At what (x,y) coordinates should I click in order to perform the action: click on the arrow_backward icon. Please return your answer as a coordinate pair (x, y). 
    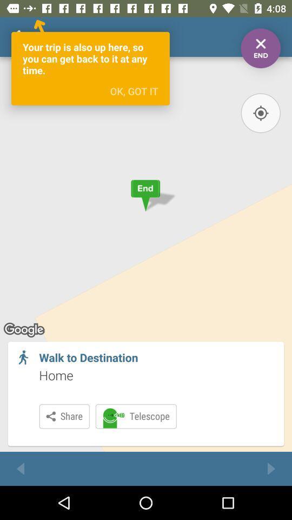
    Looking at the image, I should click on (21, 468).